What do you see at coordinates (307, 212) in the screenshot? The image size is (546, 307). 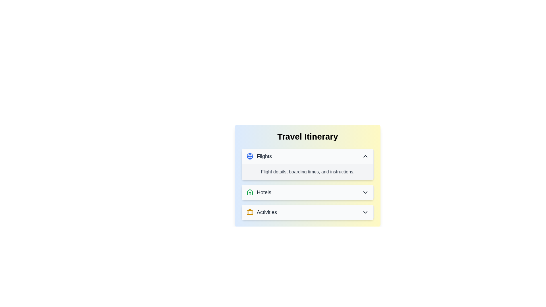 I see `the 'Activities' collapsible list item, which is the third item in the vertical stack of interactive sections` at bounding box center [307, 212].